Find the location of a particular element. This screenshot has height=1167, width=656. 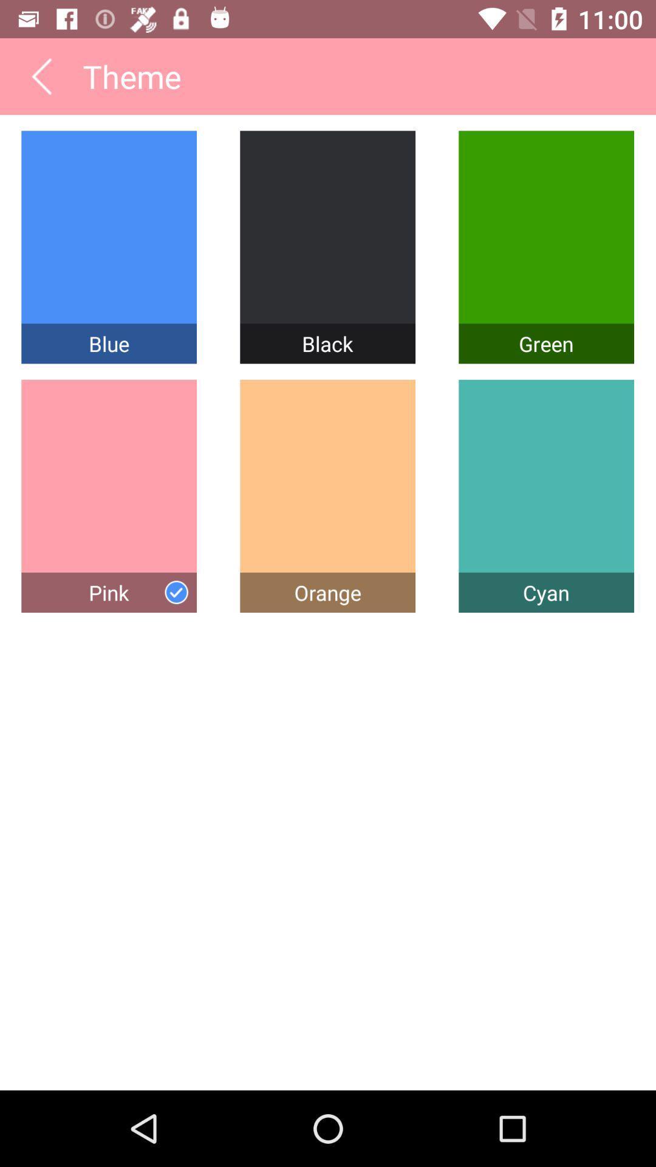

the item to the left of the theme app is located at coordinates (41, 75).